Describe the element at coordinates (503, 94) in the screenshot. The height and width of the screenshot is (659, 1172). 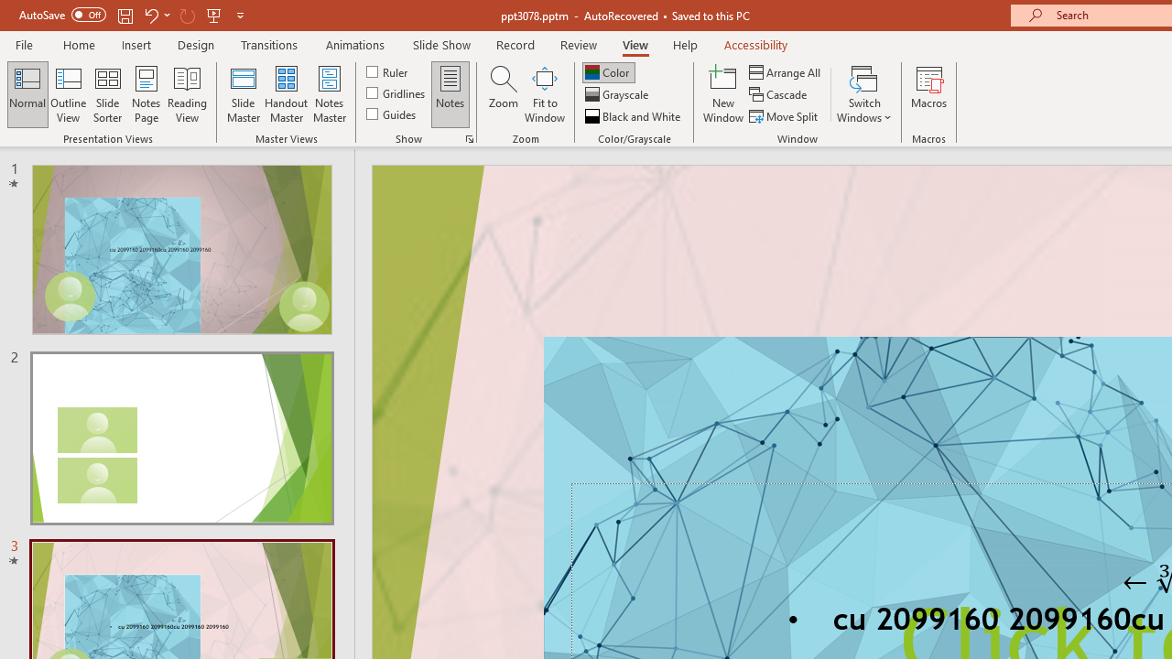
I see `'Zoom...'` at that location.